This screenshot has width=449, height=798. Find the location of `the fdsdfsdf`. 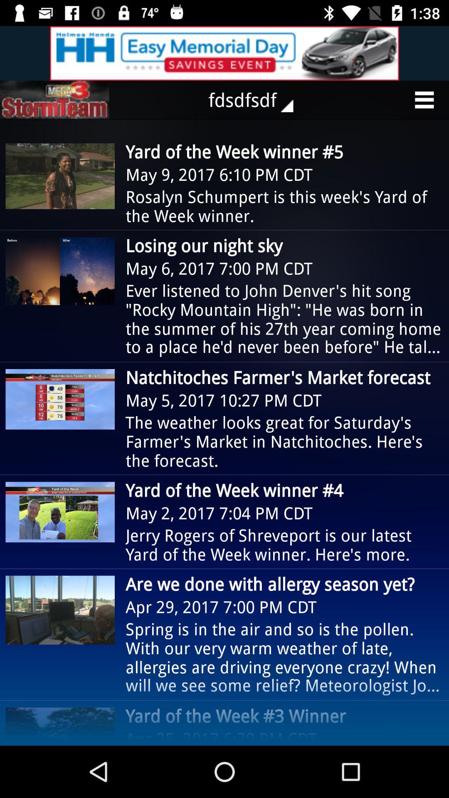

the fdsdfsdf is located at coordinates (256, 100).